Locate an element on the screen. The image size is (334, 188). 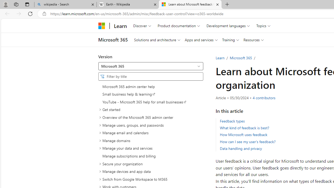
'Solutions and architecture' is located at coordinates (157, 39).